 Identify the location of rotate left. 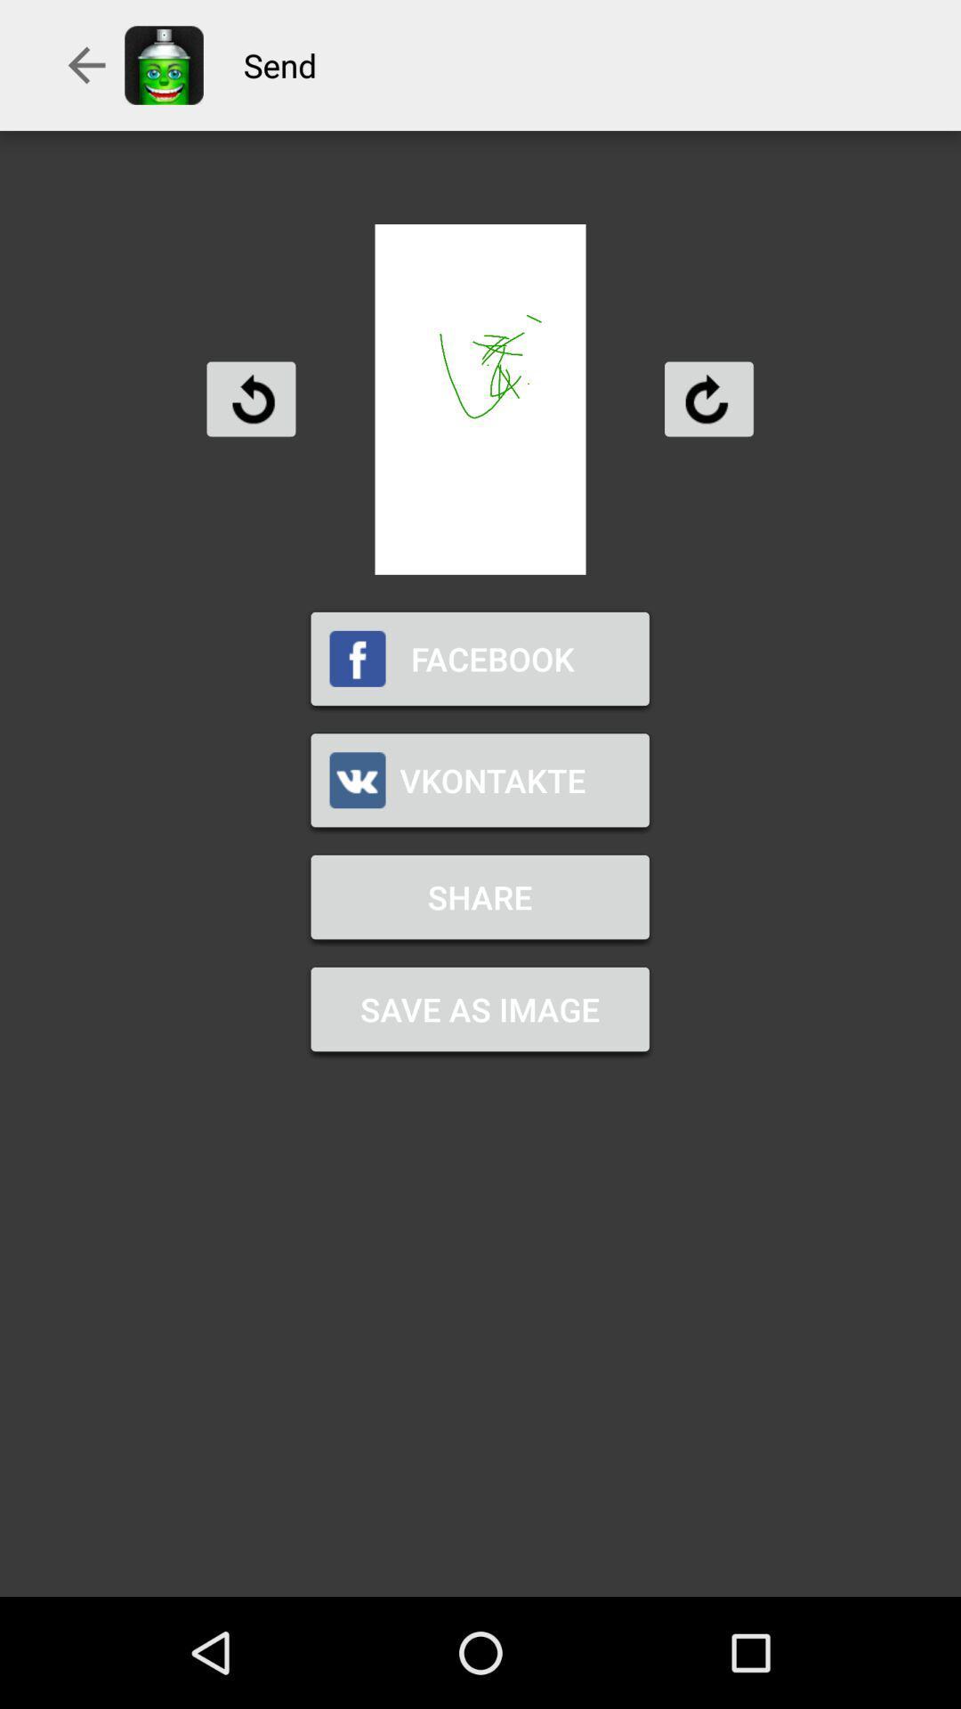
(251, 398).